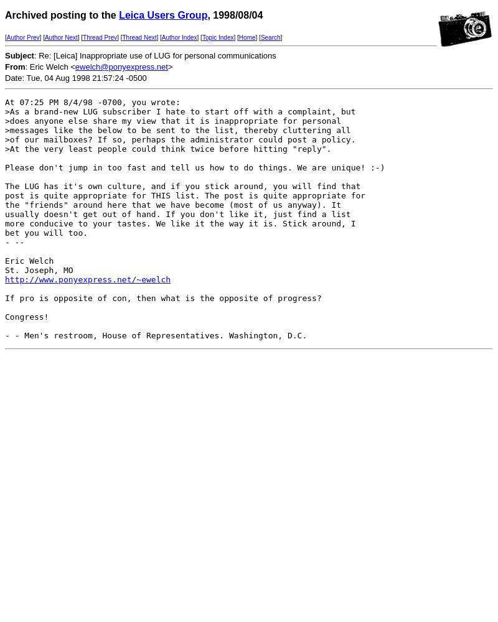  Describe the element at coordinates (120, 66) in the screenshot. I see `'ewelch@ponyexpress.net'` at that location.